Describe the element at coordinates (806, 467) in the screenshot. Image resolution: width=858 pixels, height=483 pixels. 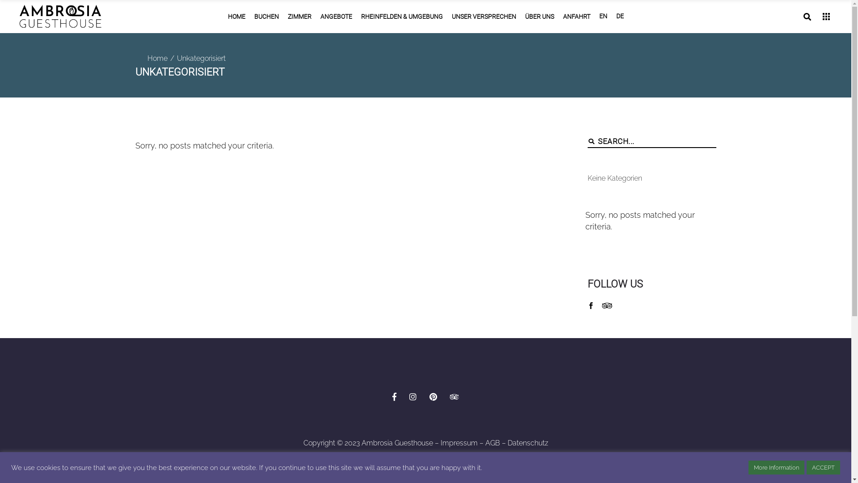
I see `'ACCEPT'` at that location.